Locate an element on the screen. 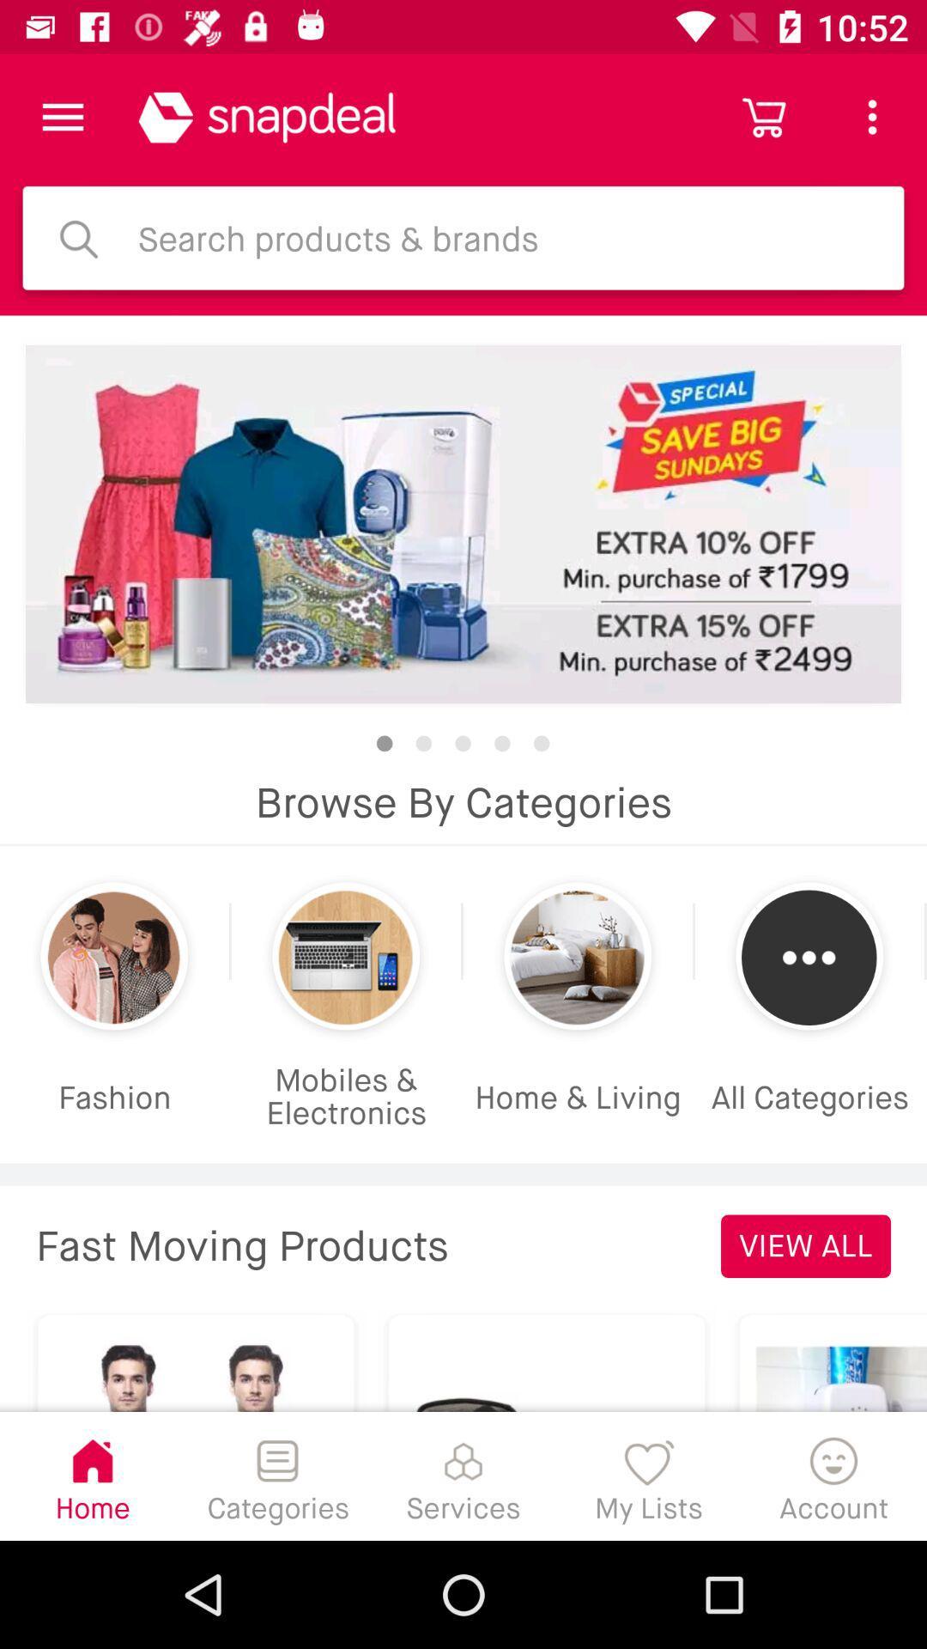 Image resolution: width=927 pixels, height=1649 pixels. my lists is located at coordinates (649, 1475).